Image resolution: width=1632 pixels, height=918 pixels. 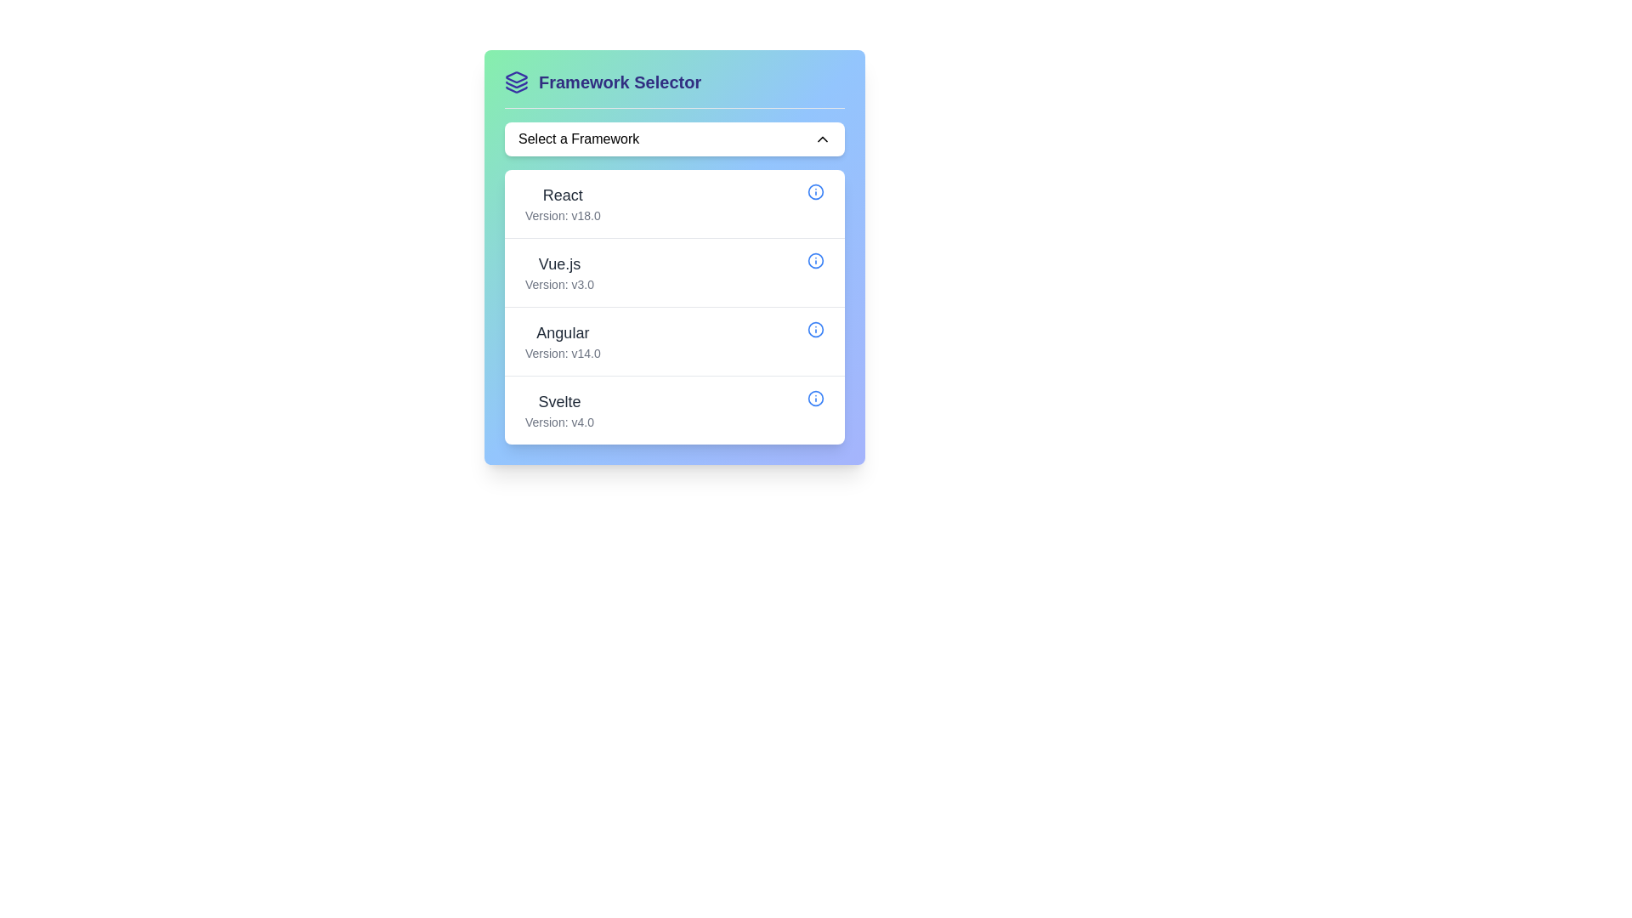 What do you see at coordinates (673, 139) in the screenshot?
I see `the Dropdown button located within the 'Framework Selector' card` at bounding box center [673, 139].